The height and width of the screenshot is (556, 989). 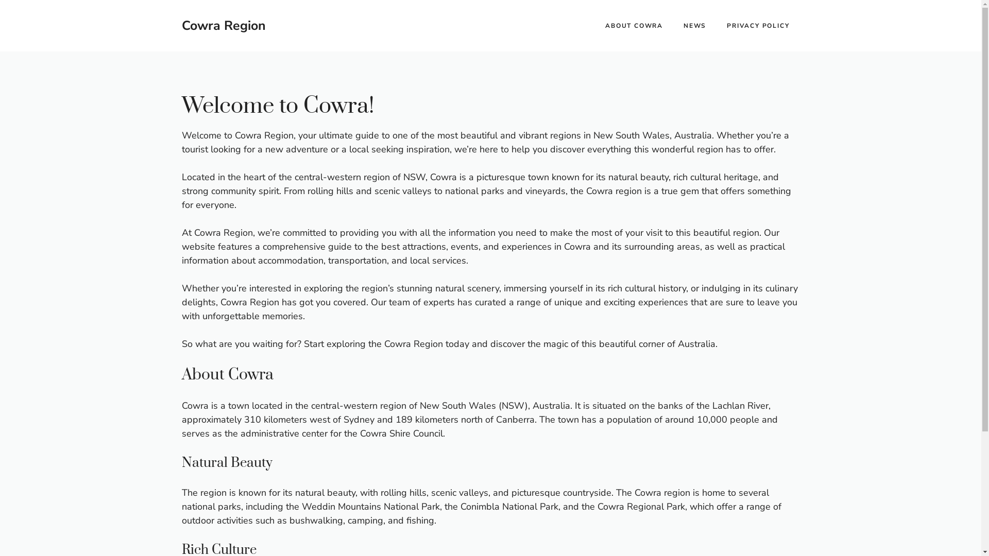 I want to click on 'PRIVACY POLICY', so click(x=758, y=25).